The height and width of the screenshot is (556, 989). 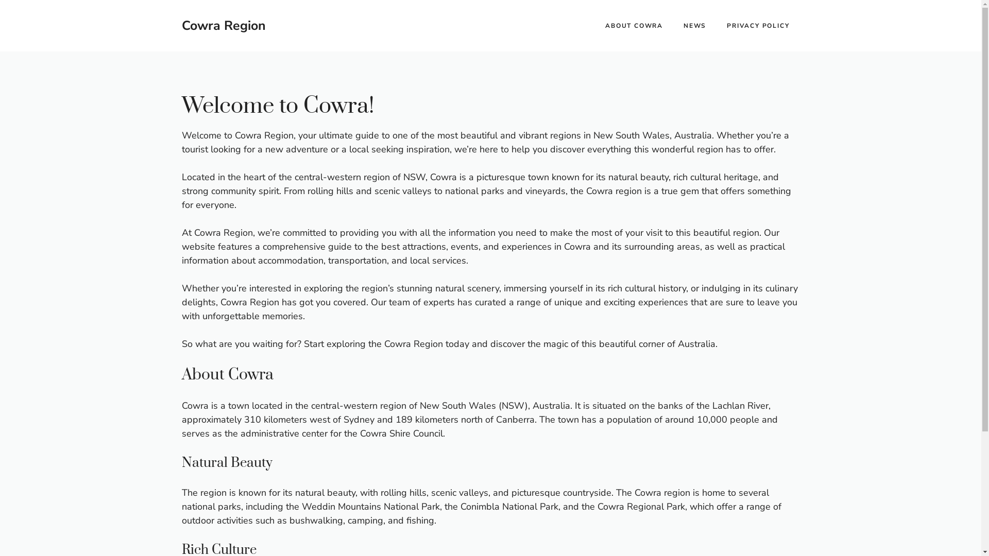 I want to click on 'PRIVACY POLICY', so click(x=758, y=25).